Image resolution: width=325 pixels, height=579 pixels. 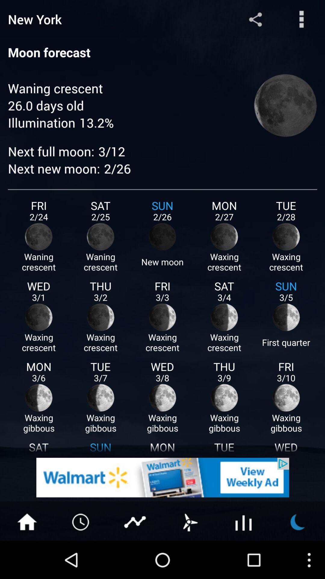 What do you see at coordinates (255, 21) in the screenshot?
I see `the share icon` at bounding box center [255, 21].